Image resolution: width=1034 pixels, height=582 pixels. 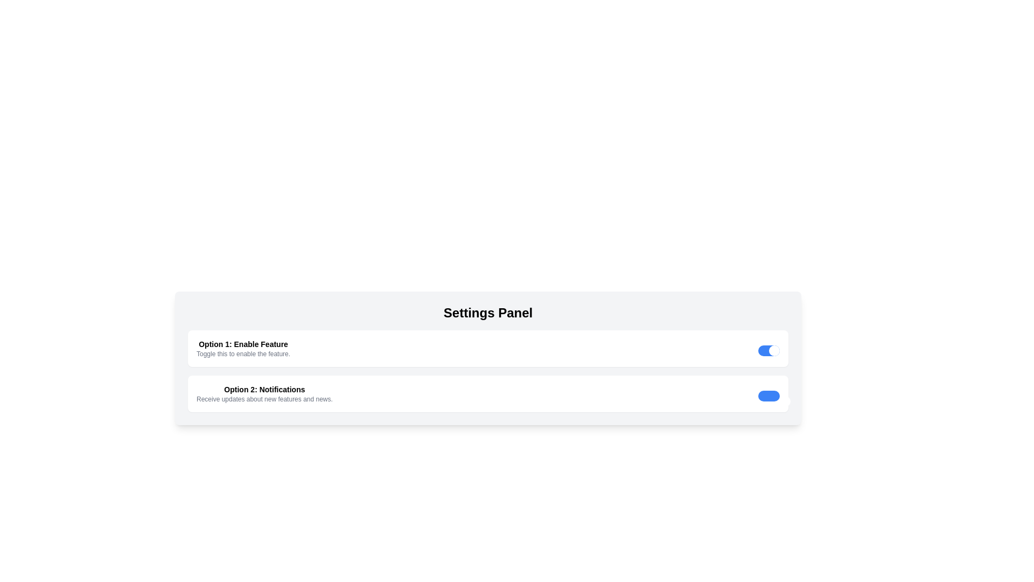 What do you see at coordinates (264, 394) in the screenshot?
I see `the Text Block that reads 'Option 2: Notifications' and contains the smaller gray text about receiving updates` at bounding box center [264, 394].